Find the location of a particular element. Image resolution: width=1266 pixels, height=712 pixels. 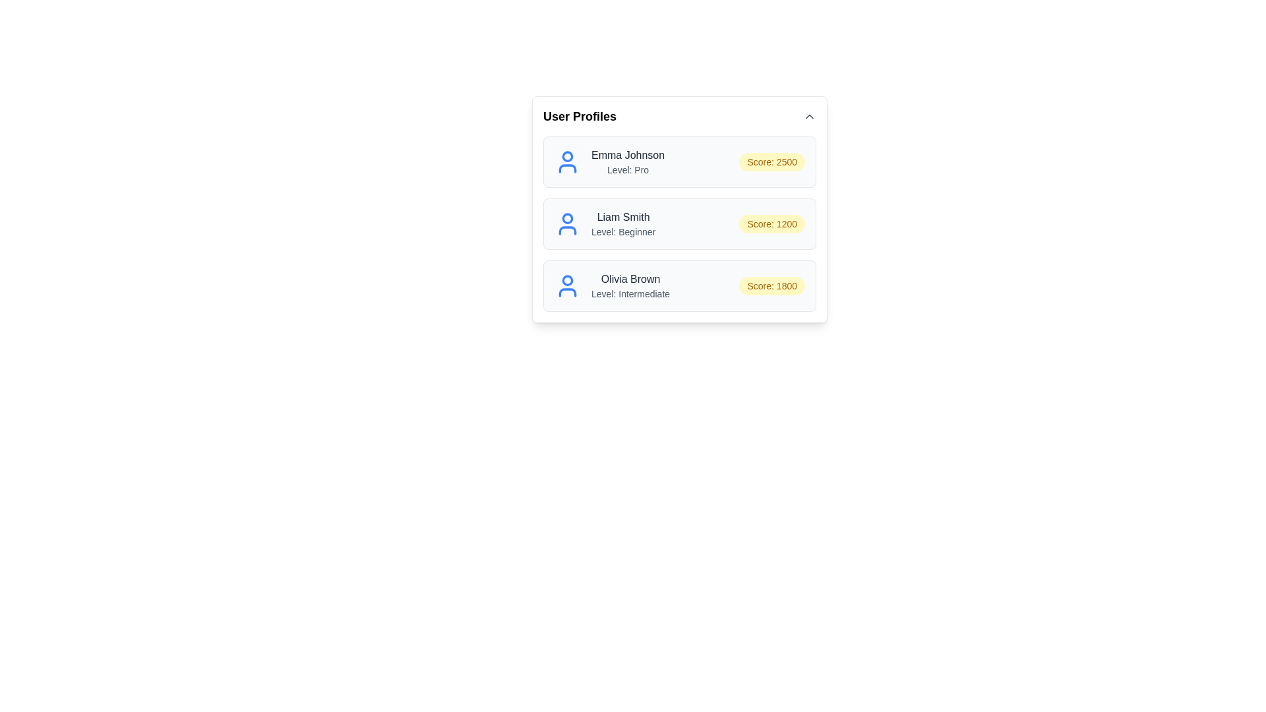

the bottom part of the SVG icon representing the user profile for 'Liam Smith' in the user list component is located at coordinates (567, 230).